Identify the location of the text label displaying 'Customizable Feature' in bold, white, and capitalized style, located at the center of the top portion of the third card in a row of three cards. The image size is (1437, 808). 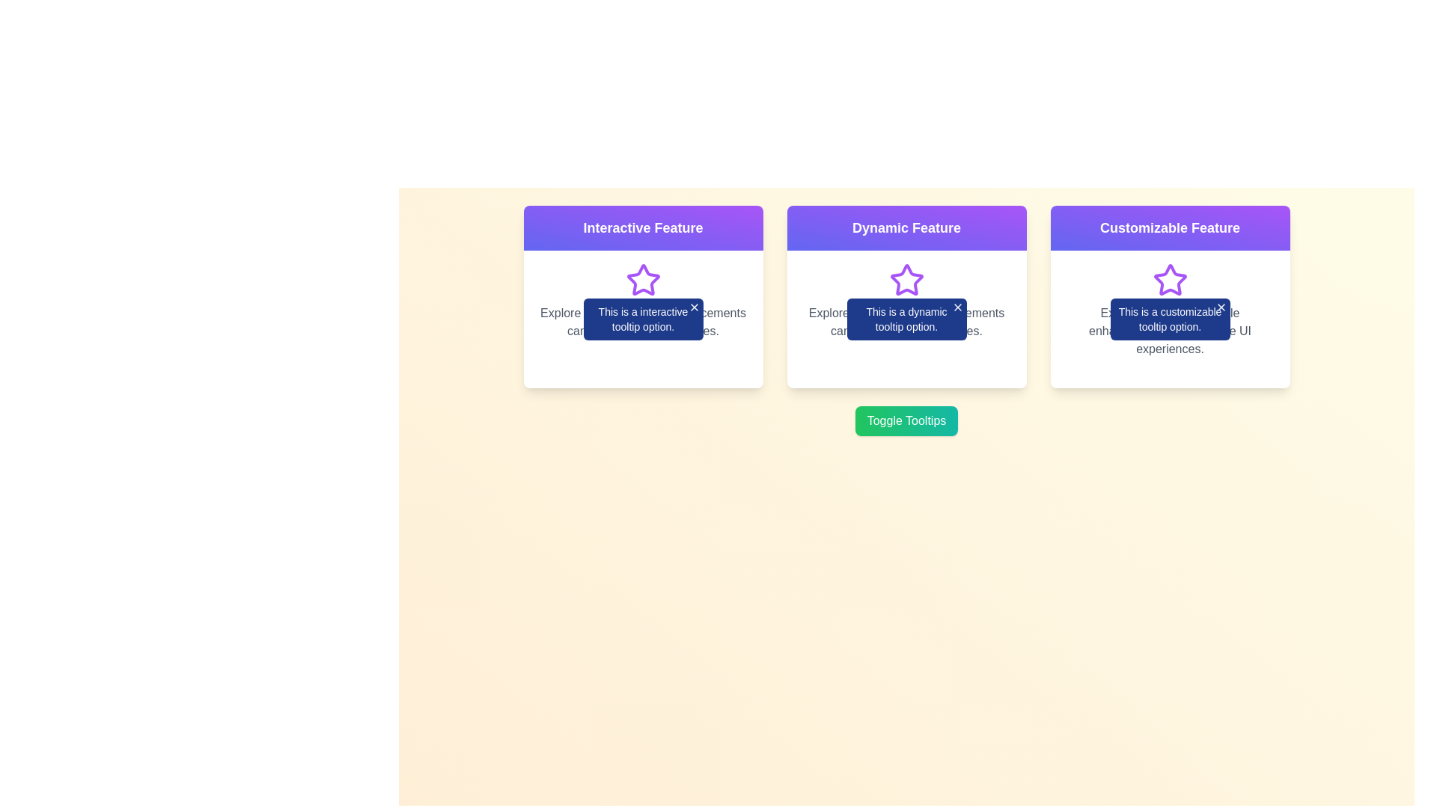
(1169, 227).